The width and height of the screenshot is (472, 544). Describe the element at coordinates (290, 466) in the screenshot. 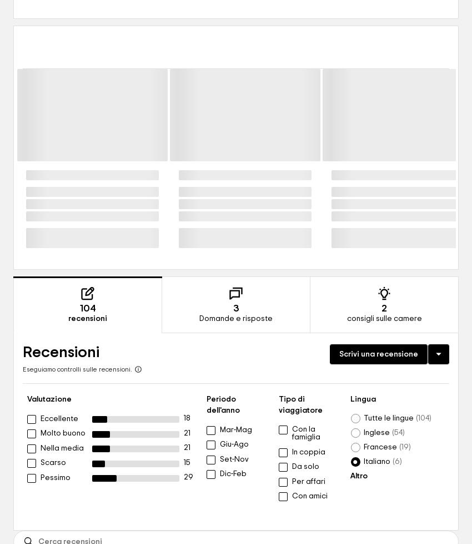

I see `'Da solo'` at that location.